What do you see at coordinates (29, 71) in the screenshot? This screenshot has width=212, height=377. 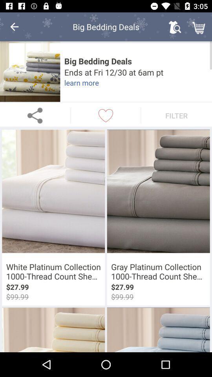 I see `show pictures` at bounding box center [29, 71].